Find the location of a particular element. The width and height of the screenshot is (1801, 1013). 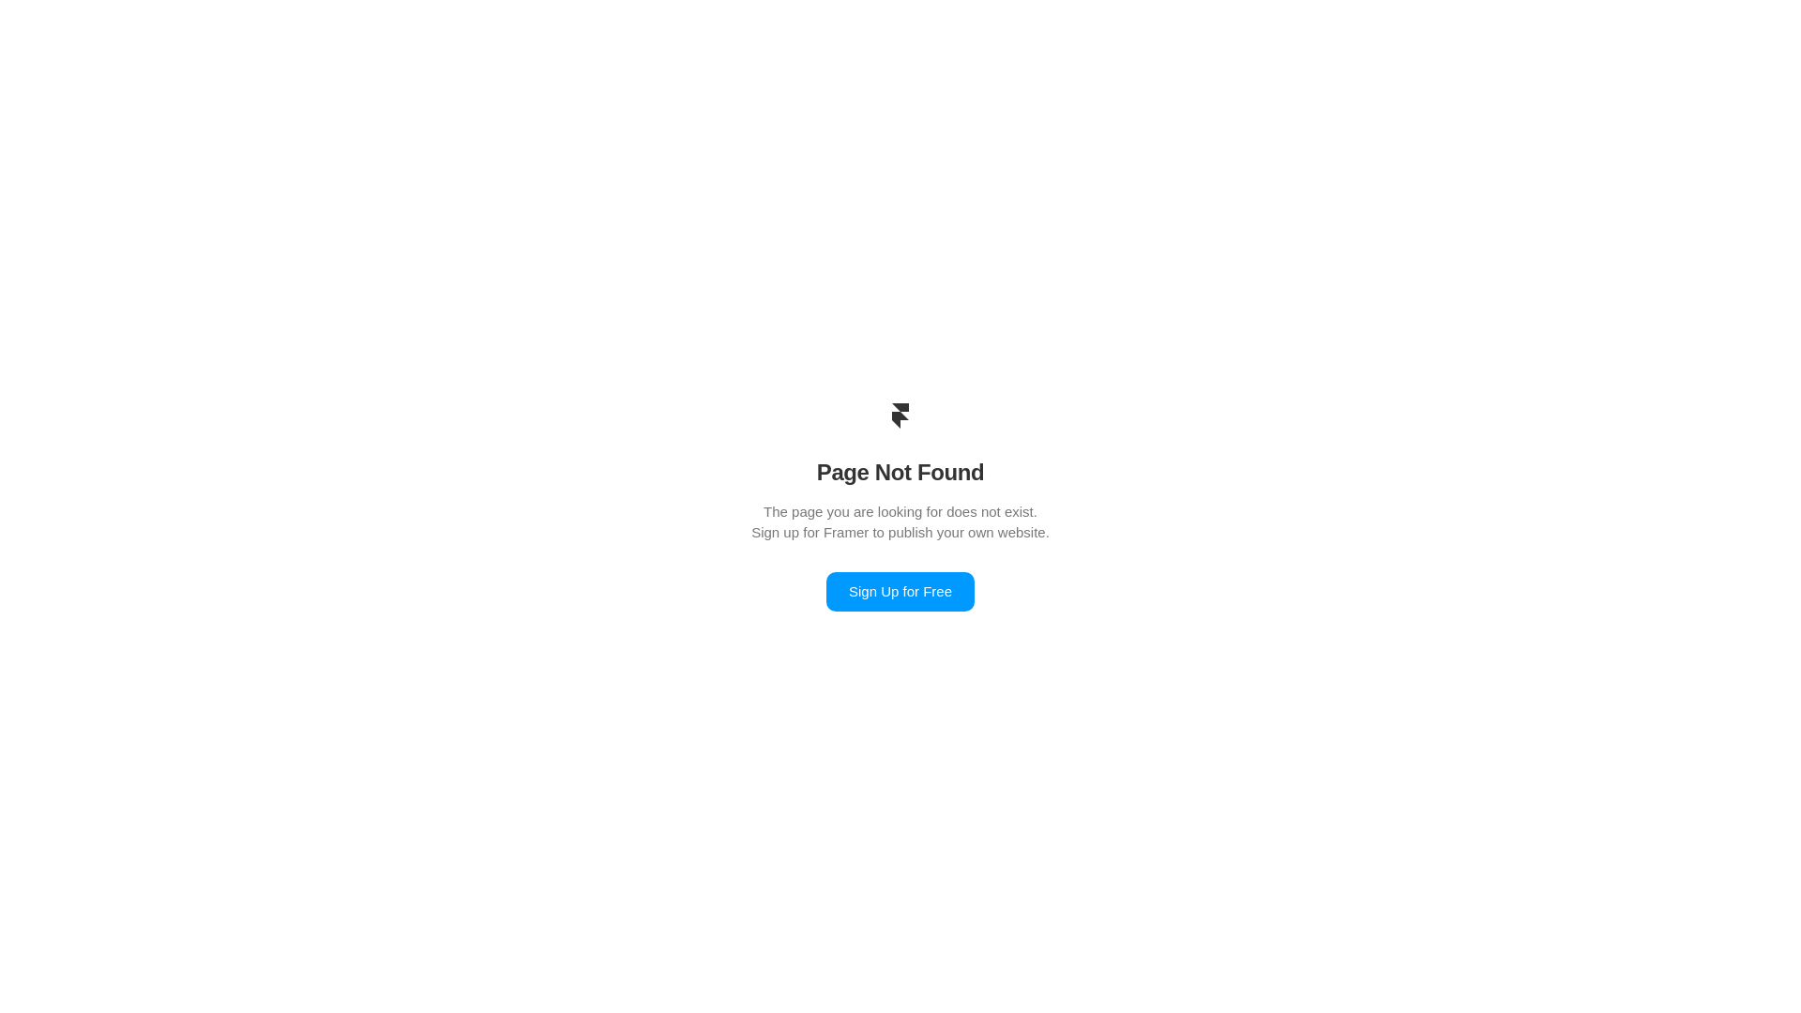

'Sign Up for Free' is located at coordinates (900, 592).